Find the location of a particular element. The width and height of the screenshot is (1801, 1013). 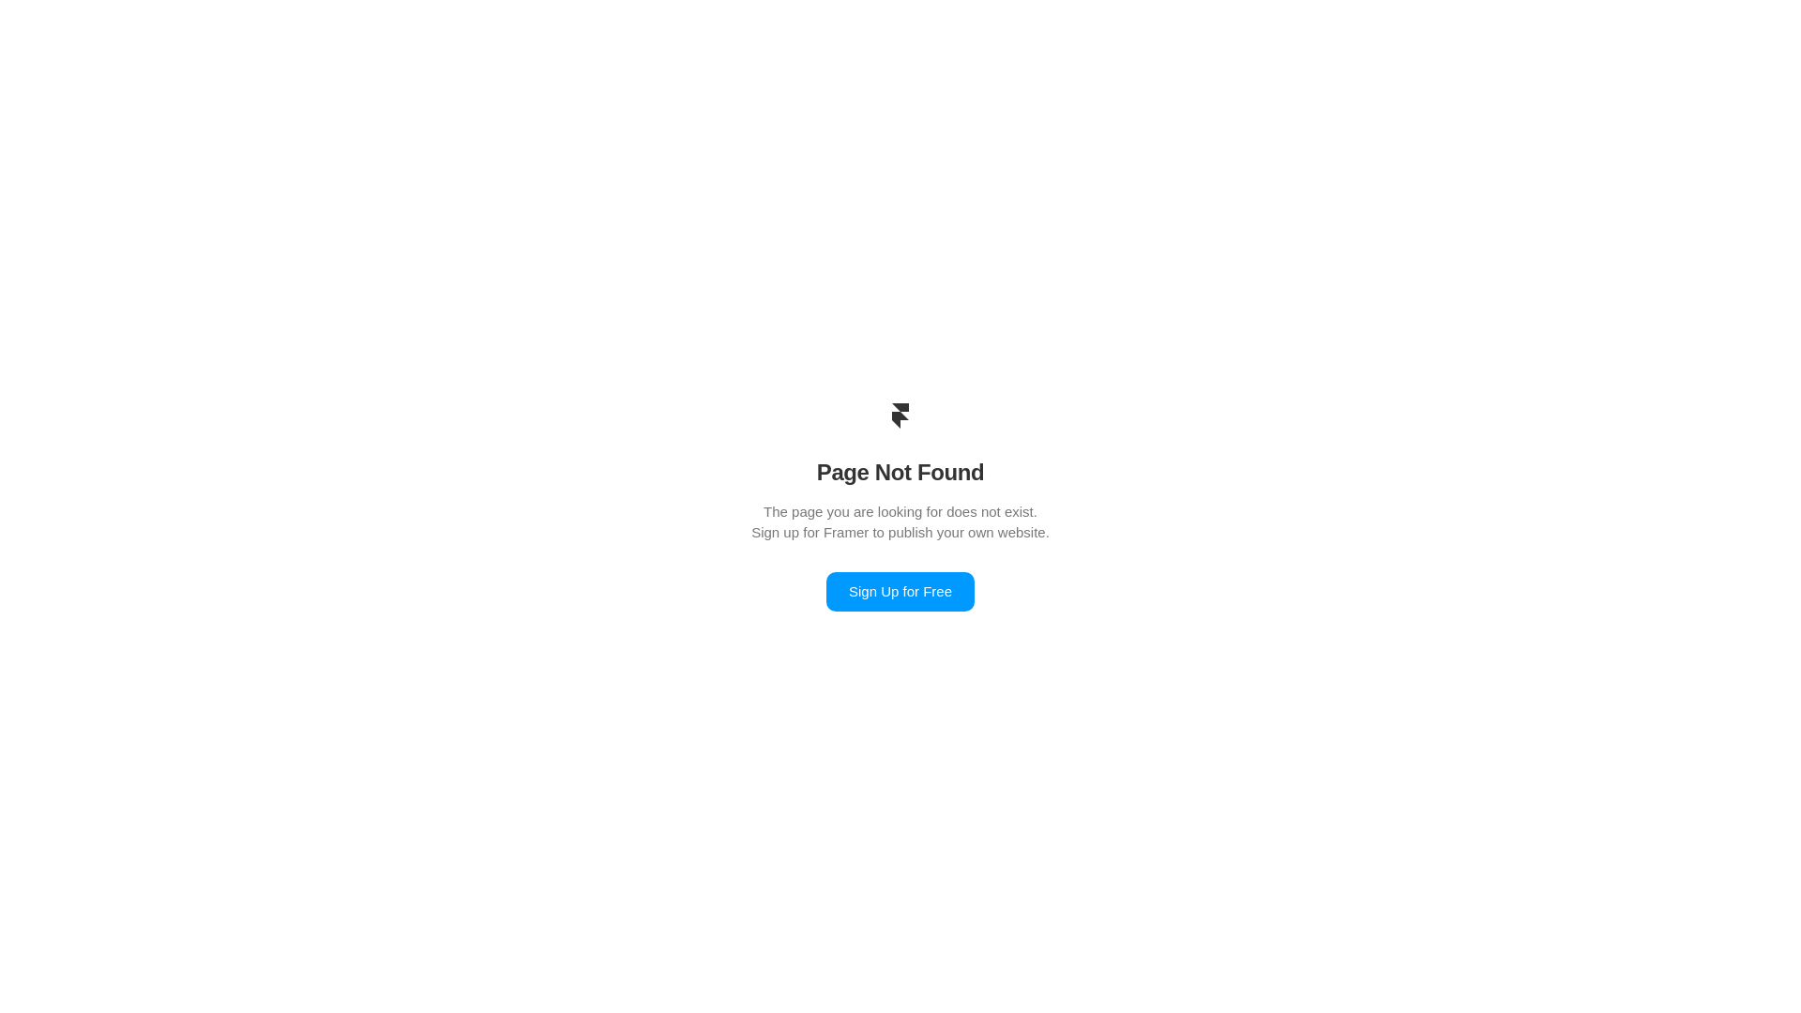

'Sign Up for Free' is located at coordinates (900, 592).